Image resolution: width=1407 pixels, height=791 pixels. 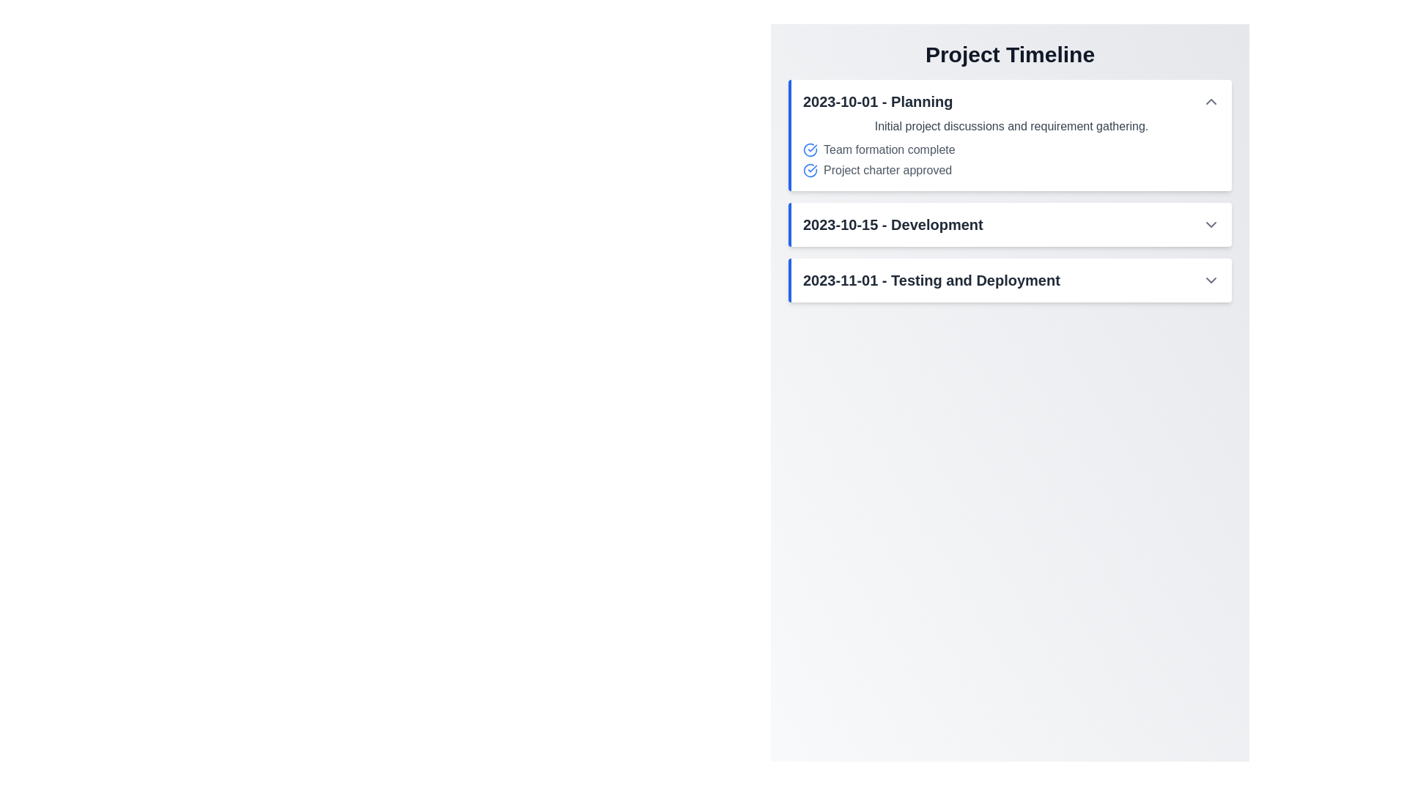 I want to click on text label indicating the completion status of the 'Project charter approved' milestone, which is the second item in the '2023-10-01 - Planning' section of the timeline, following 'Team formation complete', so click(x=887, y=169).